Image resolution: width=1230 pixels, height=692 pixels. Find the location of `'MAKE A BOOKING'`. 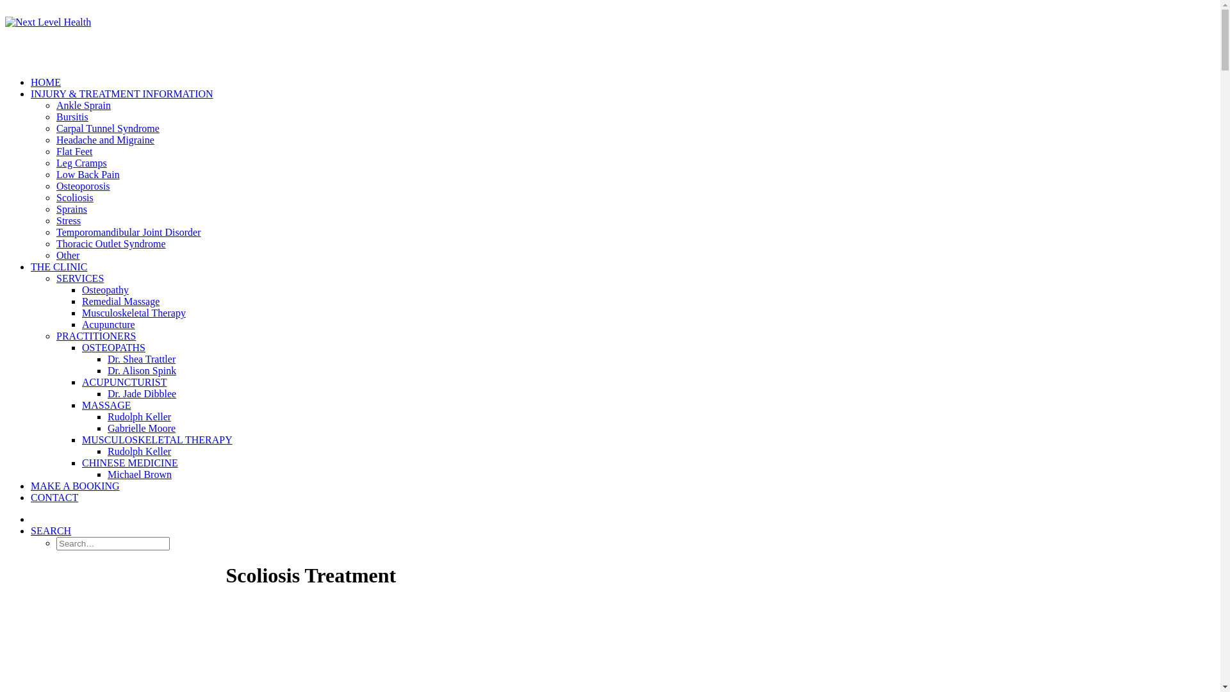

'MAKE A BOOKING' is located at coordinates (74, 486).